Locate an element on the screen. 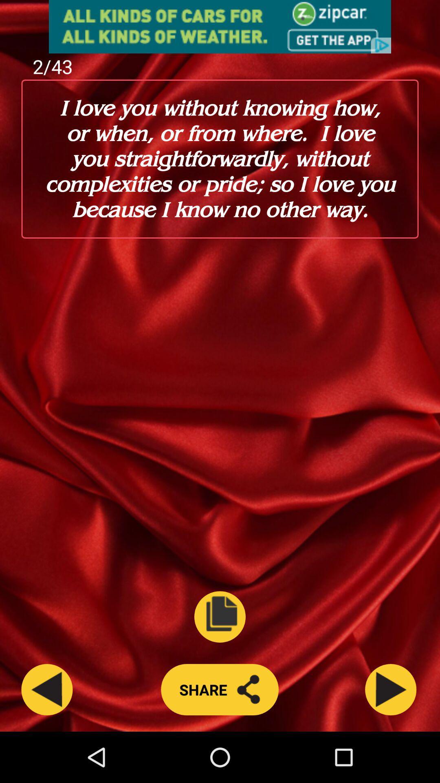 The image size is (440, 783). next is located at coordinates (390, 689).